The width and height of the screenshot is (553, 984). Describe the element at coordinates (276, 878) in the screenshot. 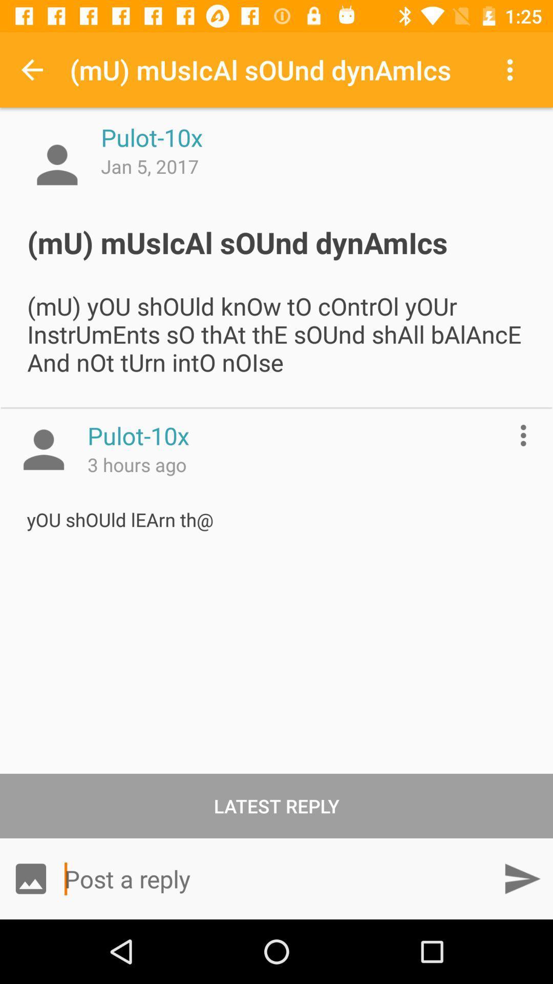

I see `post a reply text box` at that location.